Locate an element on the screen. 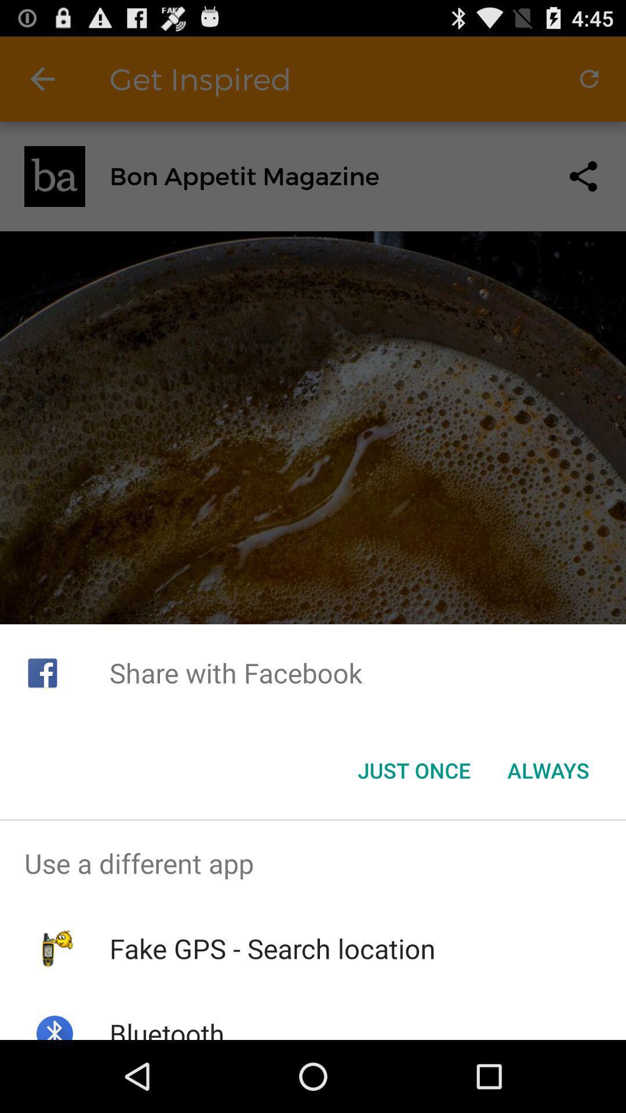 This screenshot has width=626, height=1113. the just once button is located at coordinates (413, 770).